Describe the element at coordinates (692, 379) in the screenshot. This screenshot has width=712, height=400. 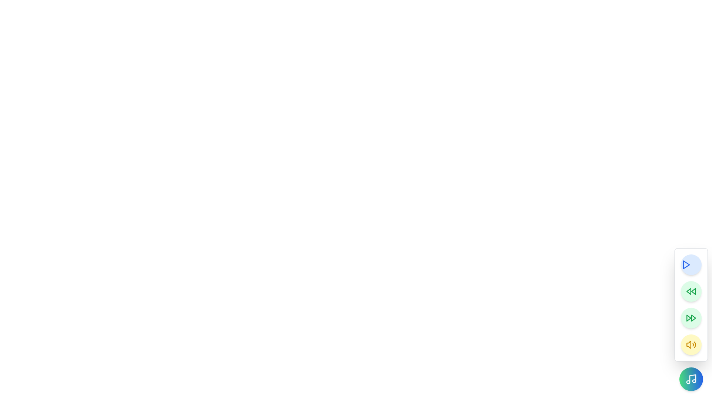
I see `the vertical line segment of the music note icon located in the bottom-right corner of the interface` at that location.